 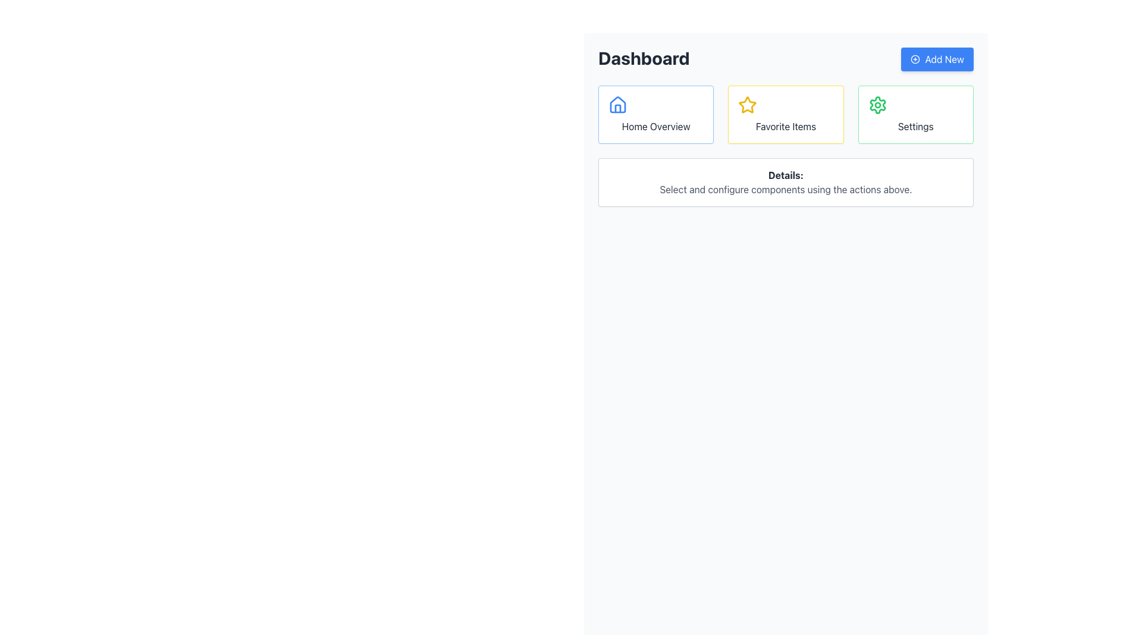 I want to click on the informational card labeled 'Home Overview', which is the first card in the top left position among three horizontally aligned cards preceded by the title 'Dashboard', so click(x=655, y=114).